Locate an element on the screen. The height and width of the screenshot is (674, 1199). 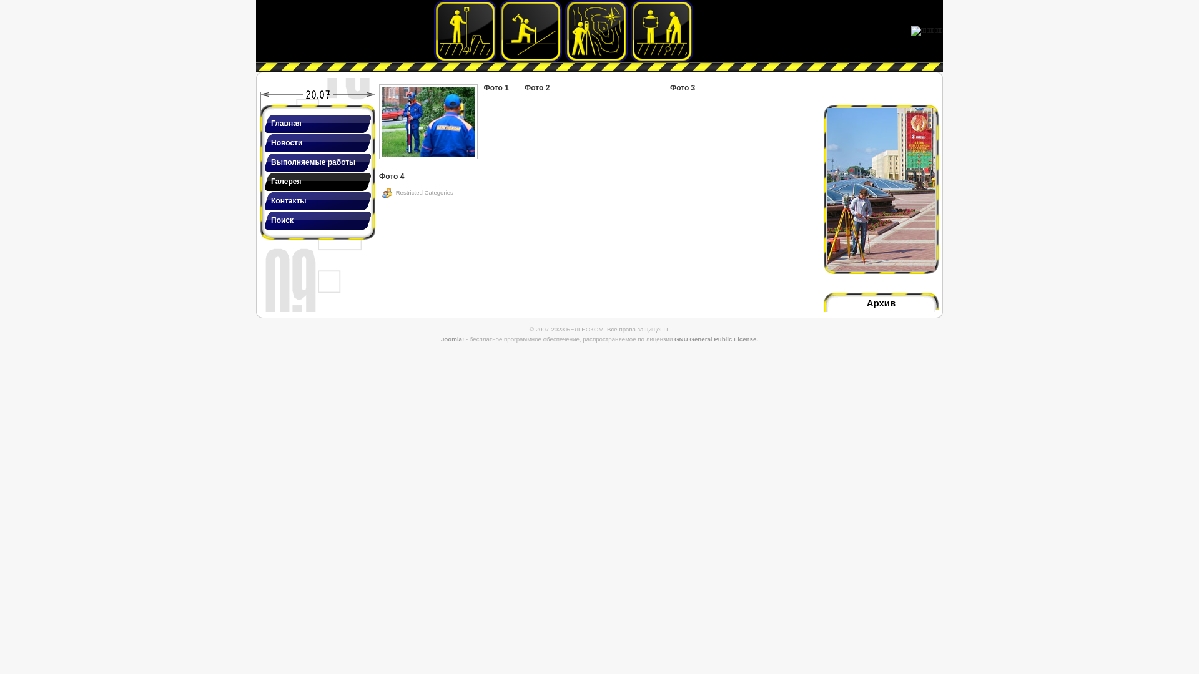
'Joomla!' is located at coordinates (440, 339).